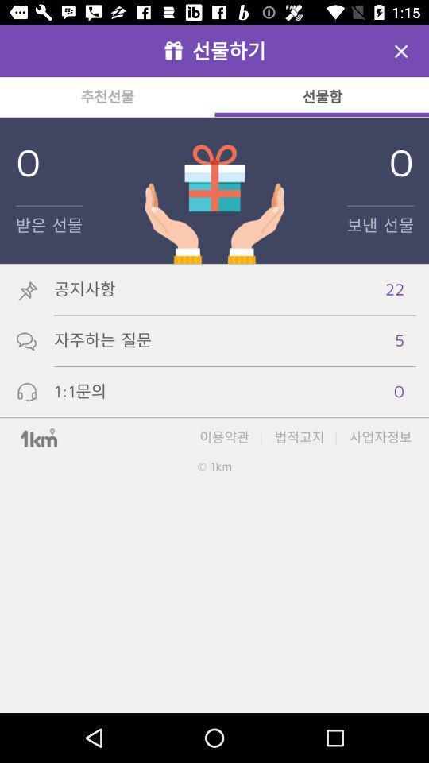 This screenshot has height=763, width=429. I want to click on close, so click(400, 51).